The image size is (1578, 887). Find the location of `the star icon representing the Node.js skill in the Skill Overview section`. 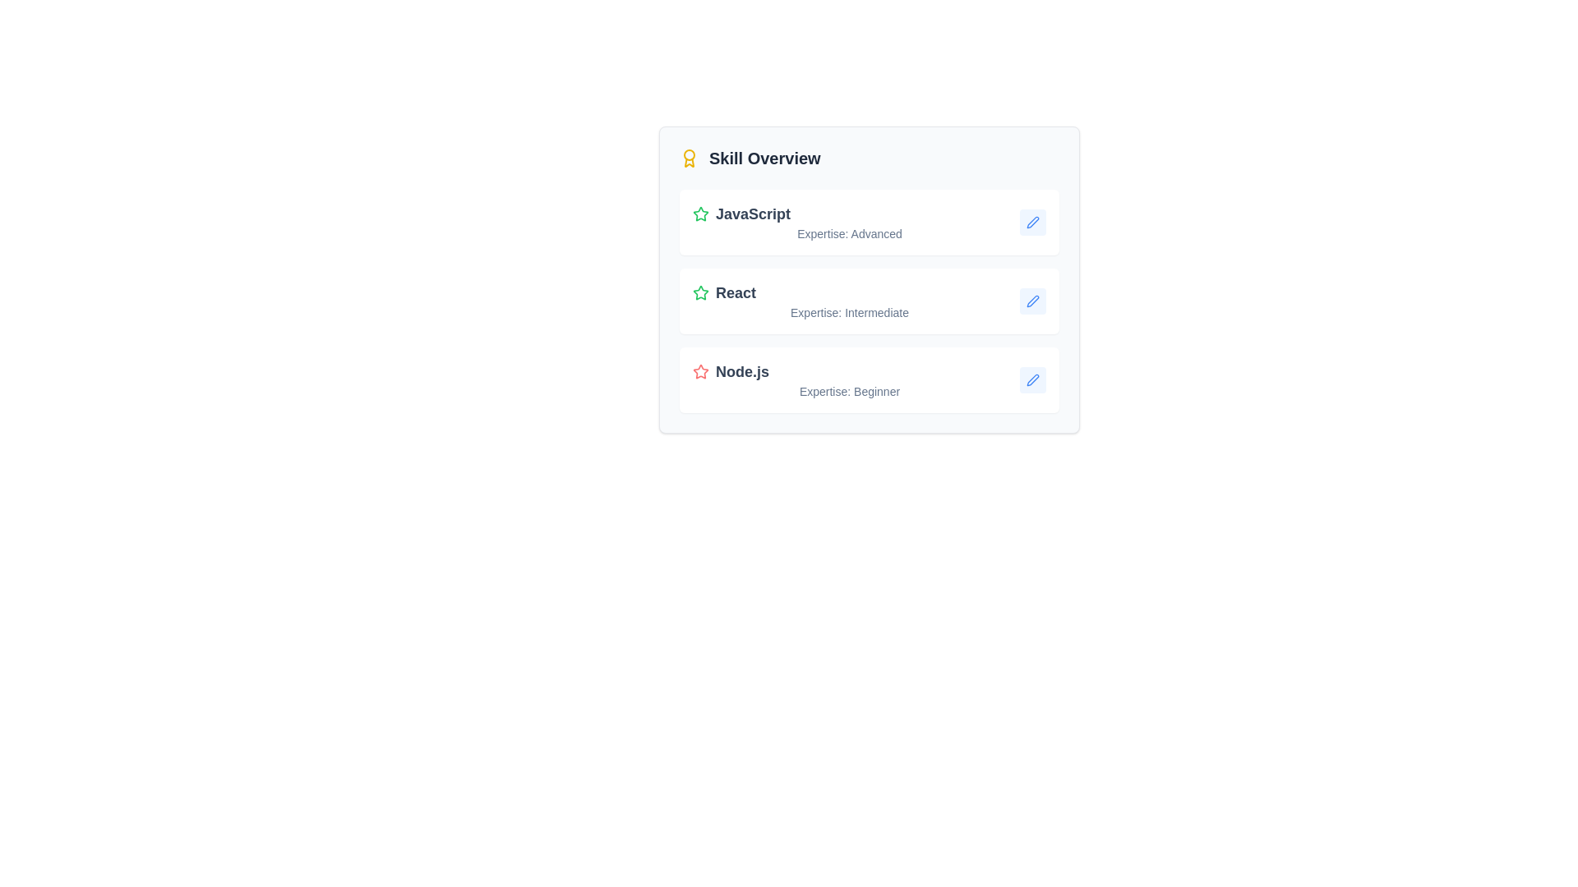

the star icon representing the Node.js skill in the Skill Overview section is located at coordinates (701, 371).